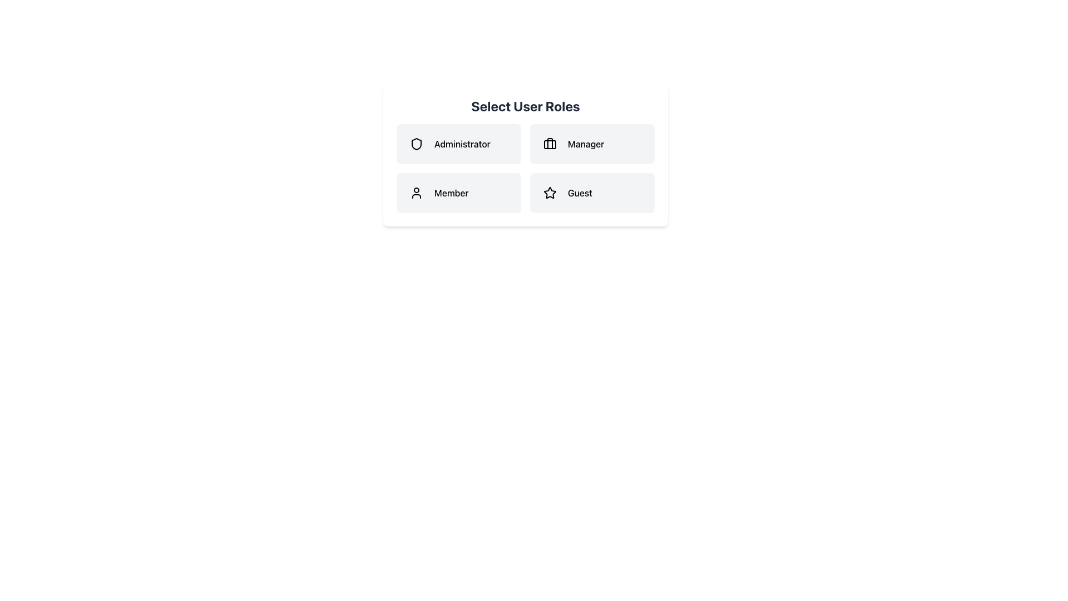  I want to click on the user icon within the button, so click(416, 193).